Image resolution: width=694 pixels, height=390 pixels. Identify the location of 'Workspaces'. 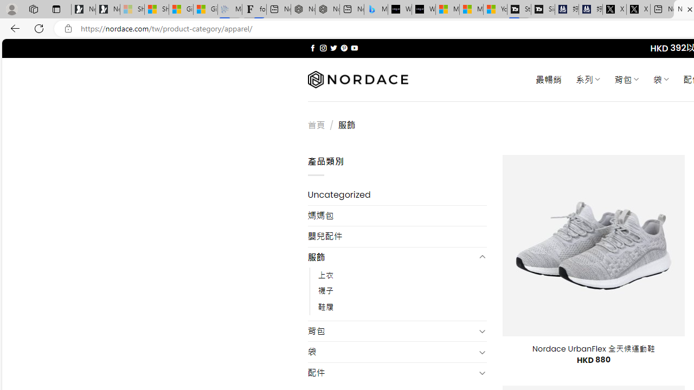
(33, 9).